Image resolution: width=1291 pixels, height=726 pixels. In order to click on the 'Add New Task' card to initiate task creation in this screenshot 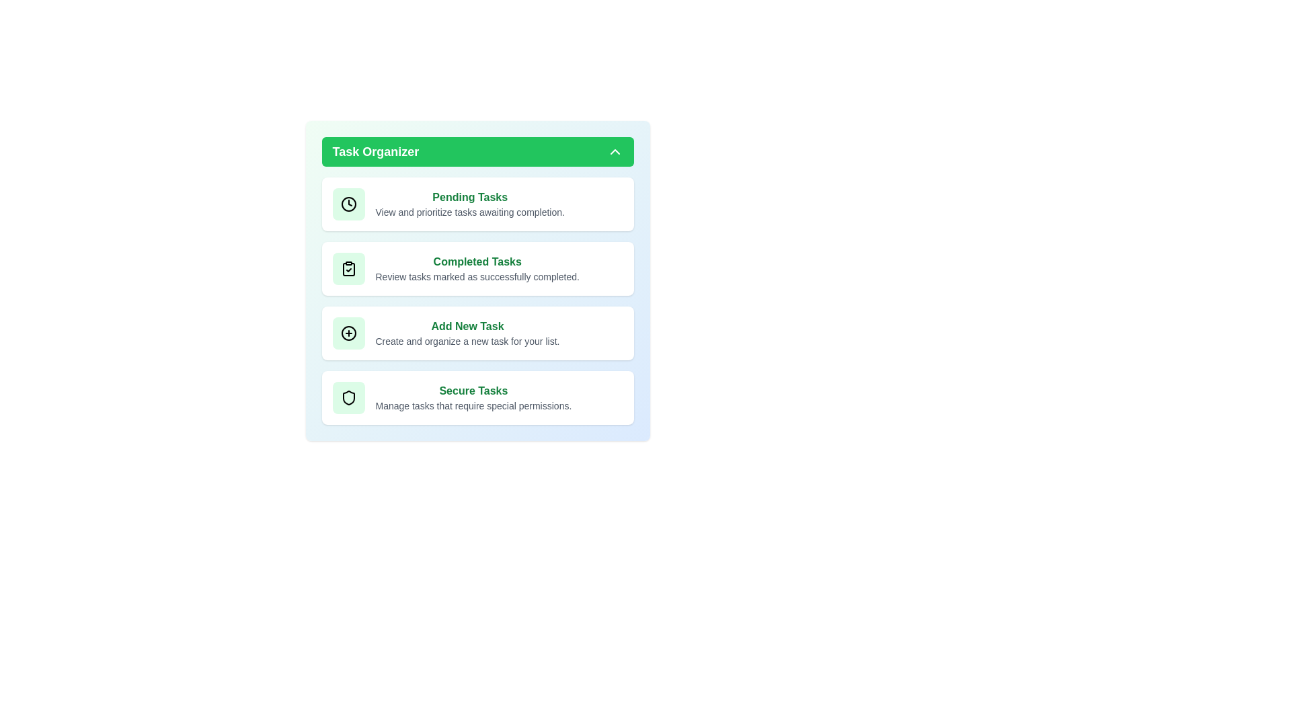, I will do `click(477, 333)`.